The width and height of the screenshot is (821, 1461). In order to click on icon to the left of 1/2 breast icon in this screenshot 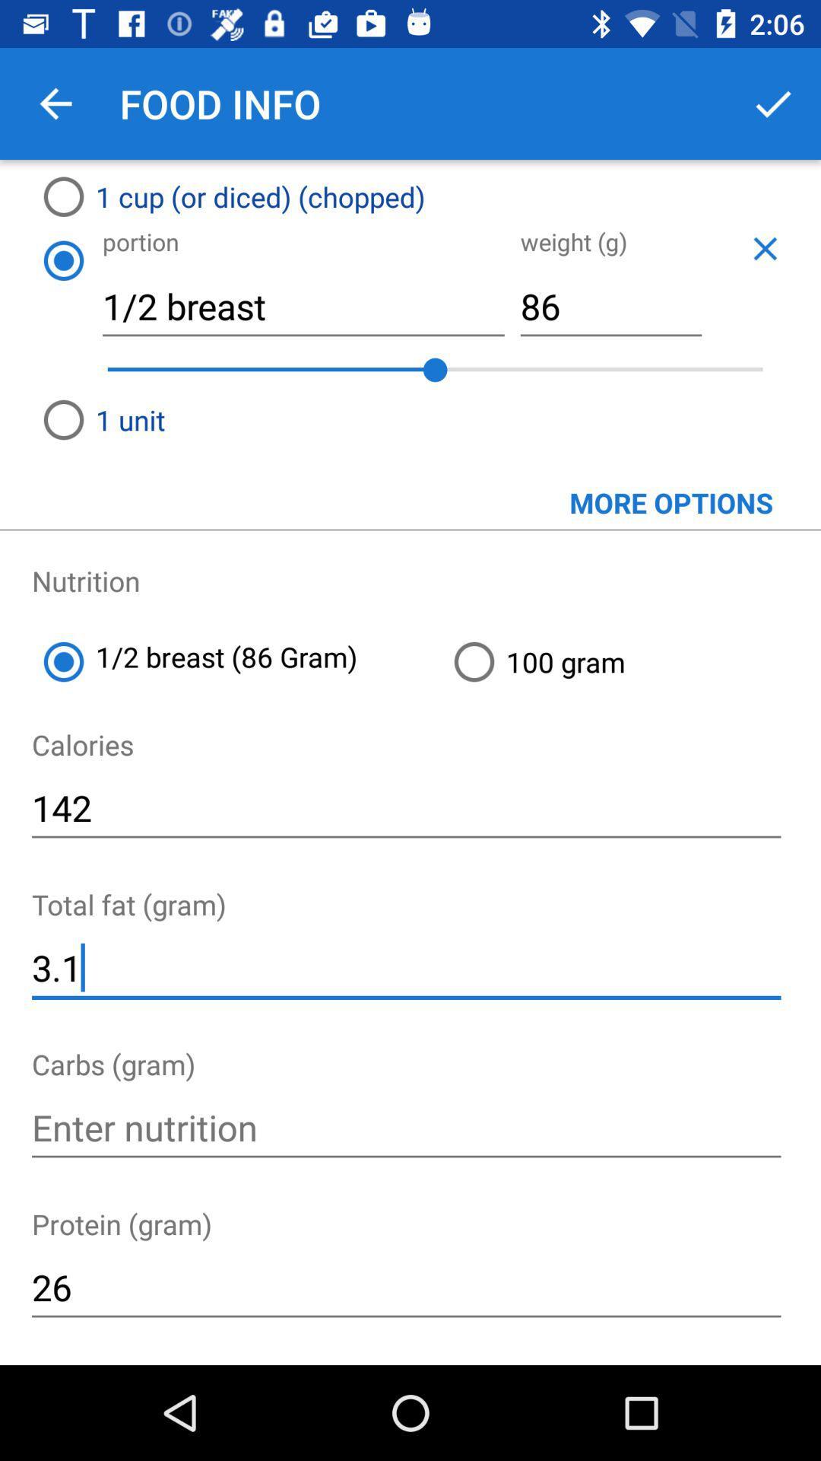, I will do `click(62, 260)`.